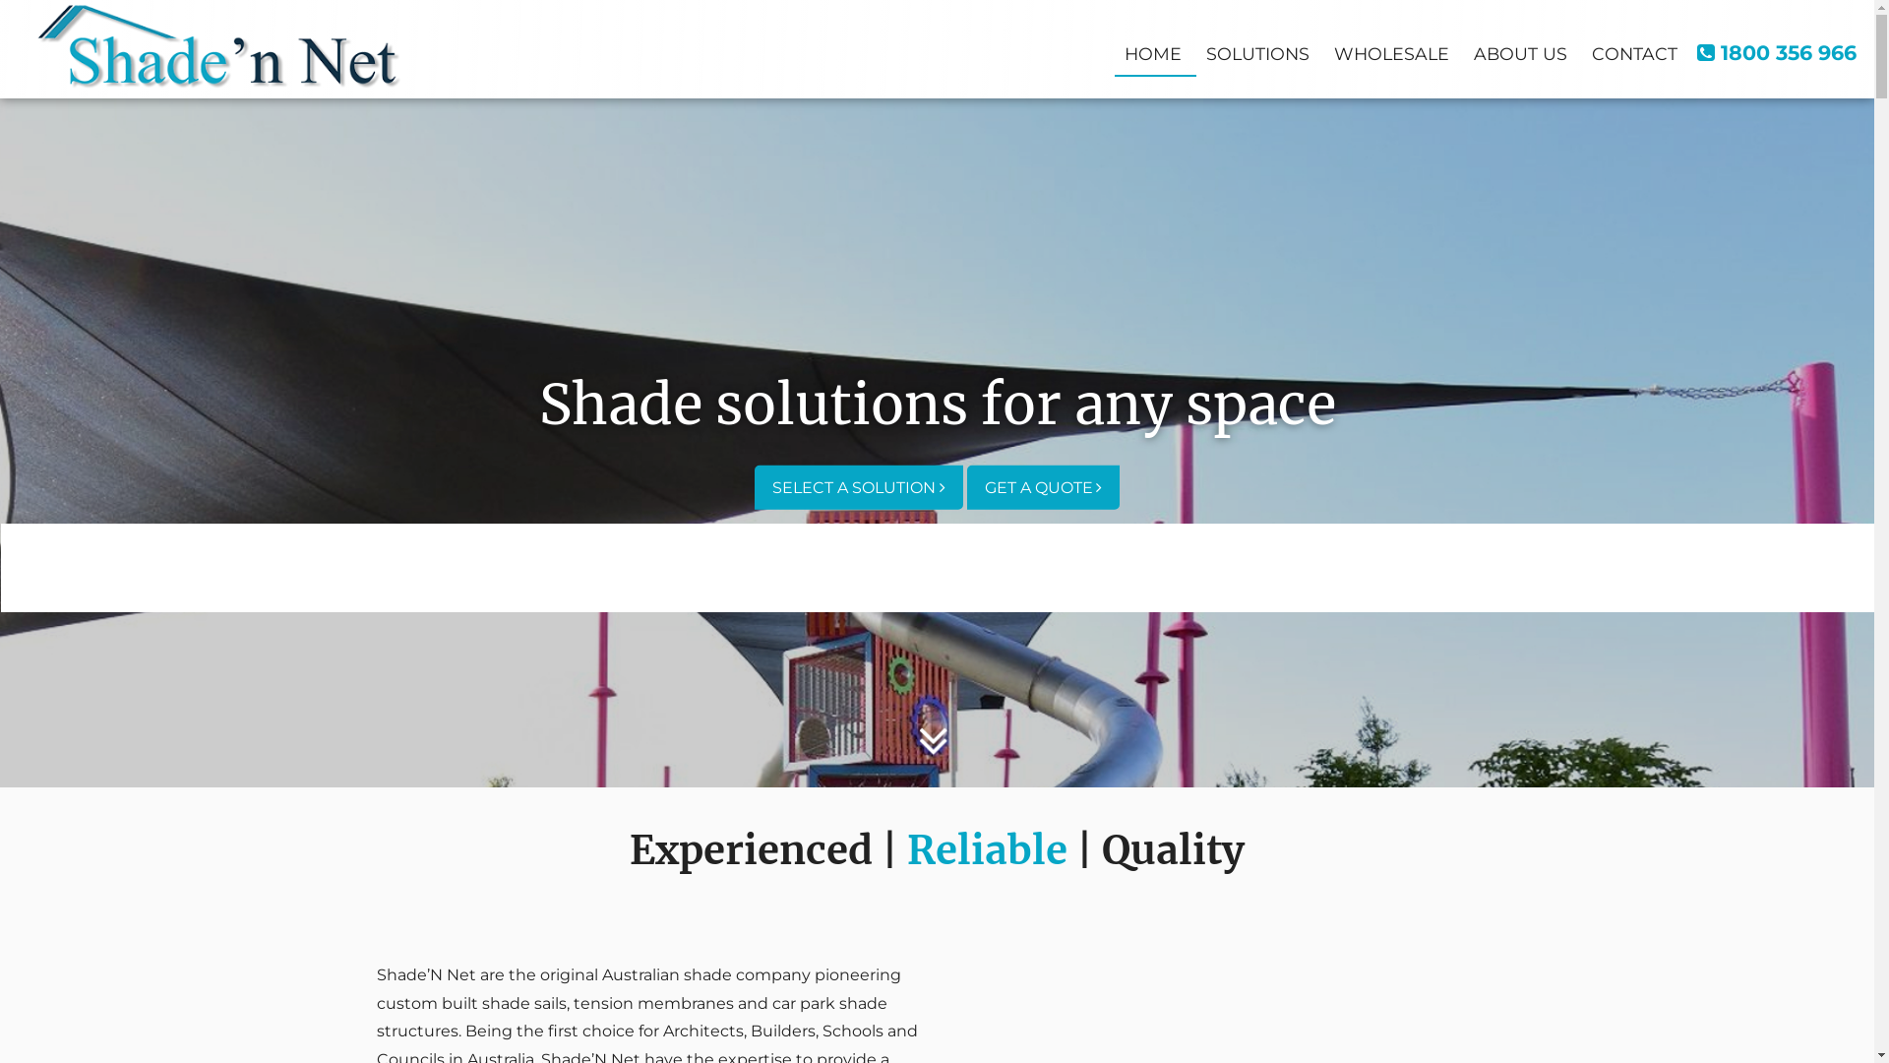  I want to click on 'ABOUT US', so click(1519, 50).